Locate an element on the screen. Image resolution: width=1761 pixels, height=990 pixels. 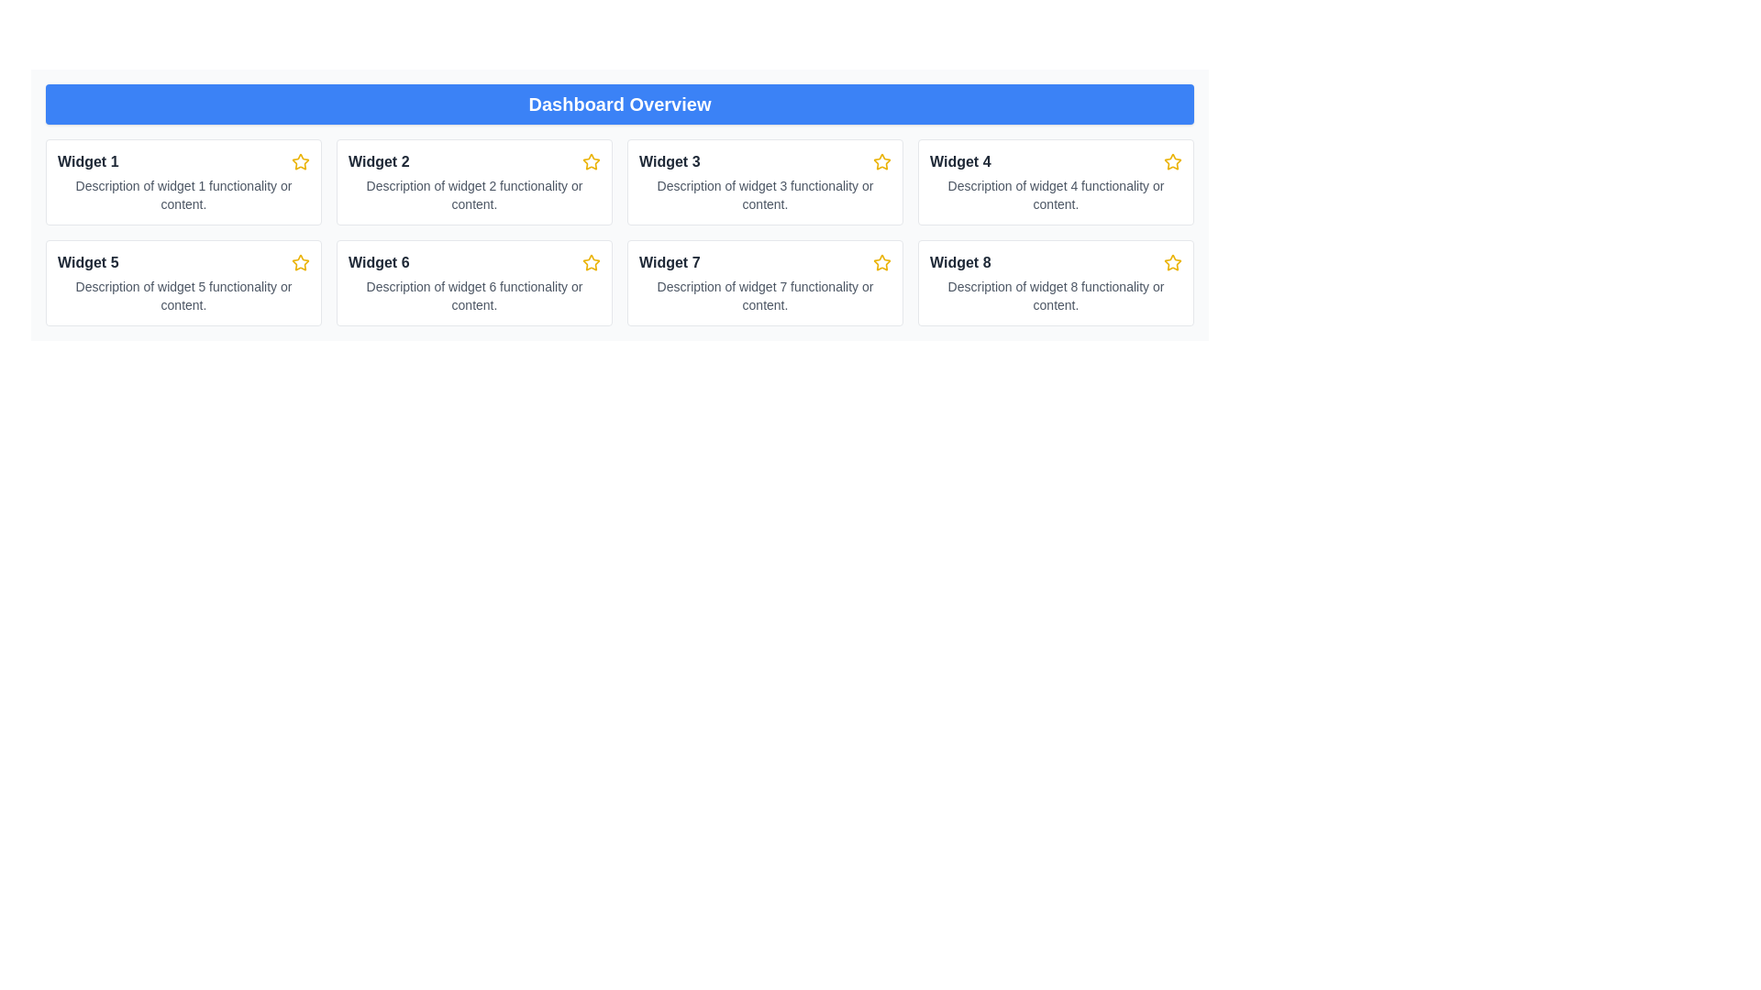
the sixth star icon located above the 'Widget 6' label to mark it as a favorite is located at coordinates (591, 262).